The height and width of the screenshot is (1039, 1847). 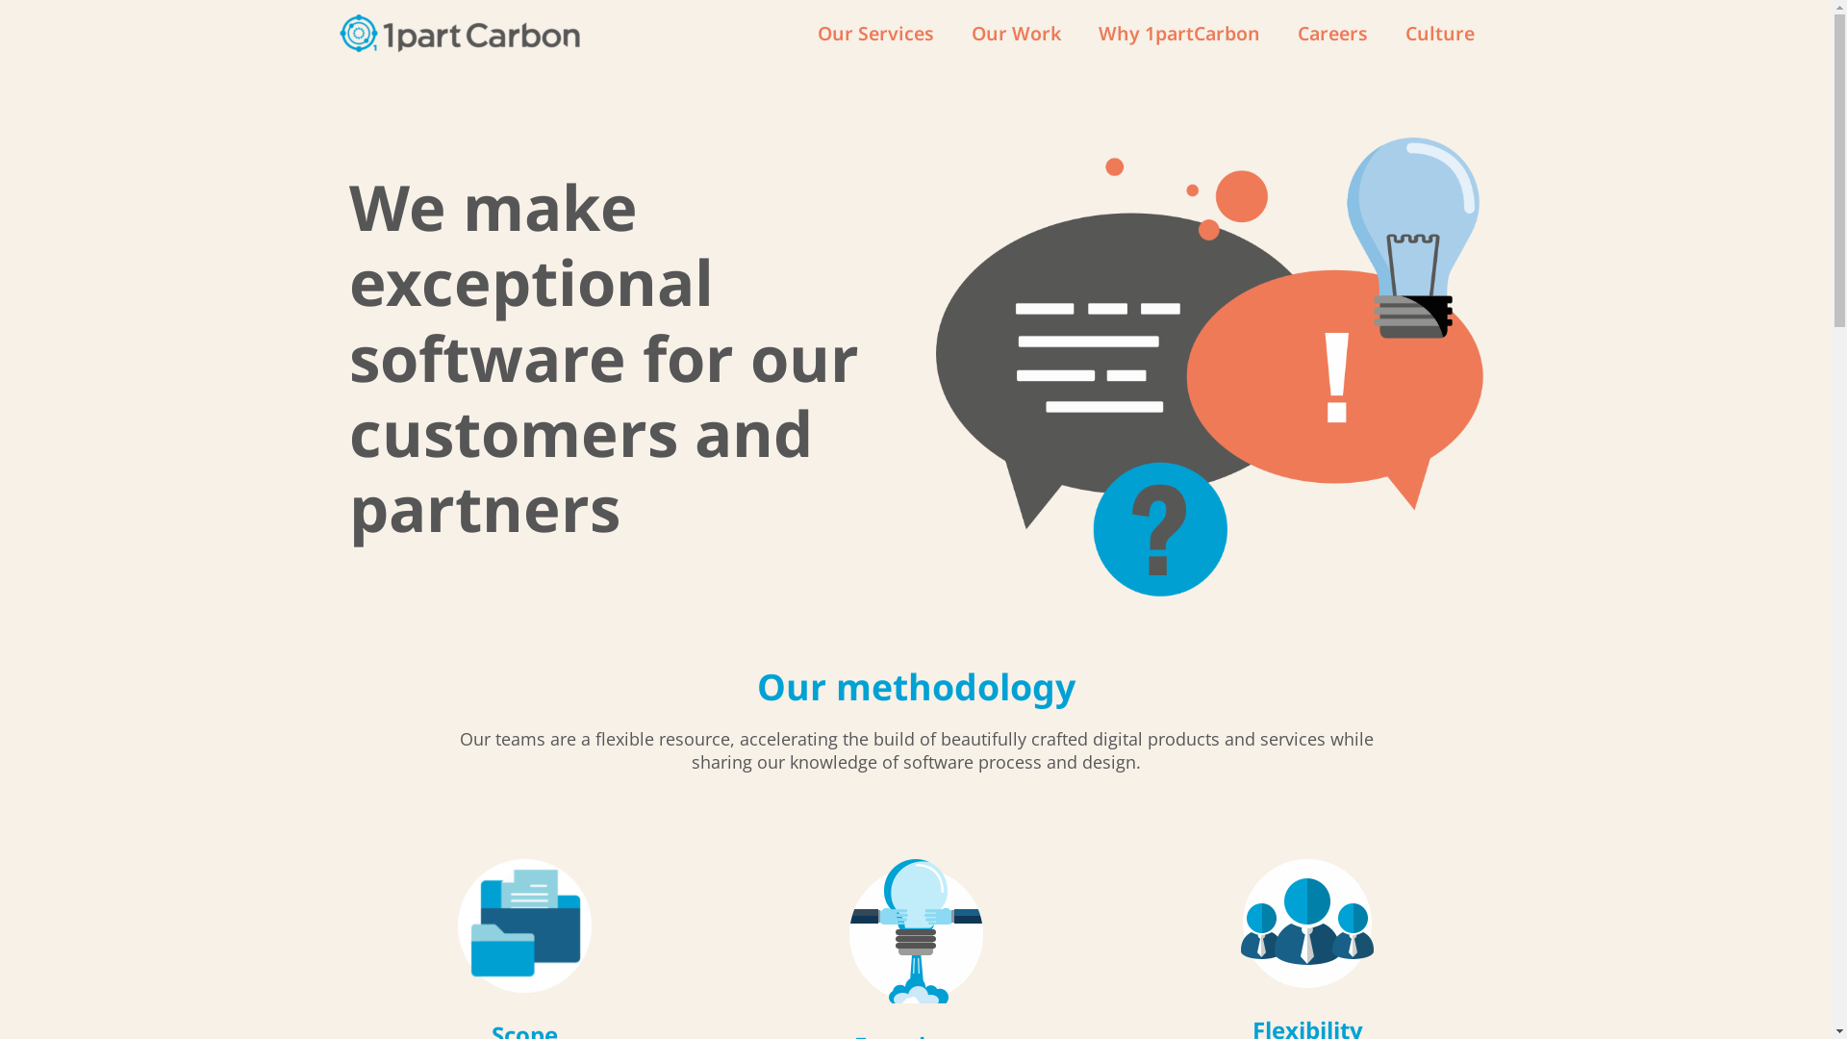 I want to click on 'Culture', so click(x=1440, y=33).